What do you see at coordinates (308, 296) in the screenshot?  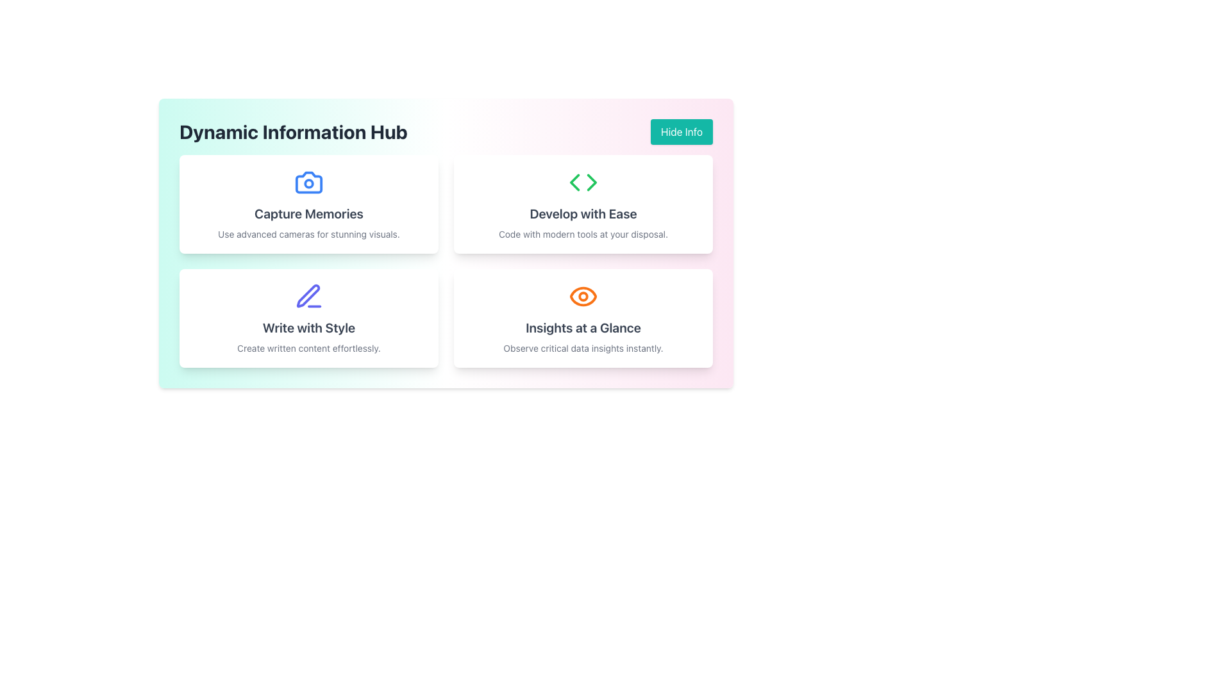 I see `the pen icon located in the card labeled 'Write with Style' in the bottom-left corner of the grid layout` at bounding box center [308, 296].